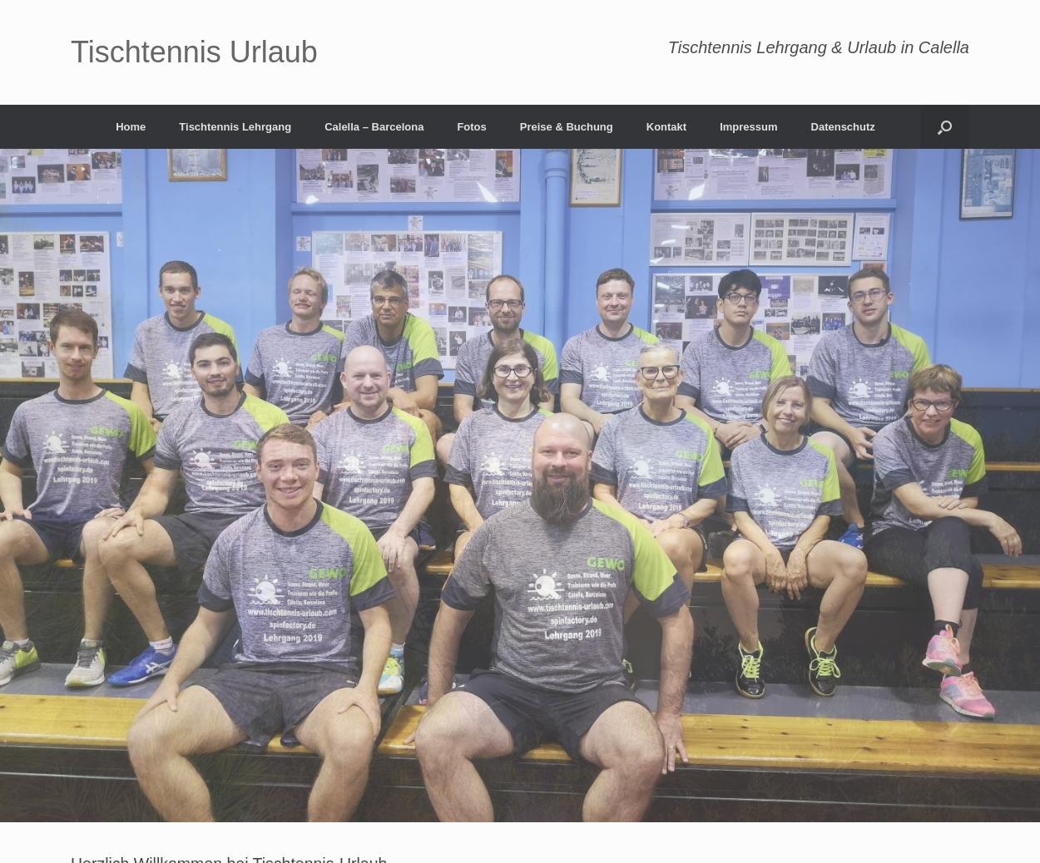 This screenshot has width=1040, height=863. I want to click on 'Calella – Barcelona', so click(373, 126).